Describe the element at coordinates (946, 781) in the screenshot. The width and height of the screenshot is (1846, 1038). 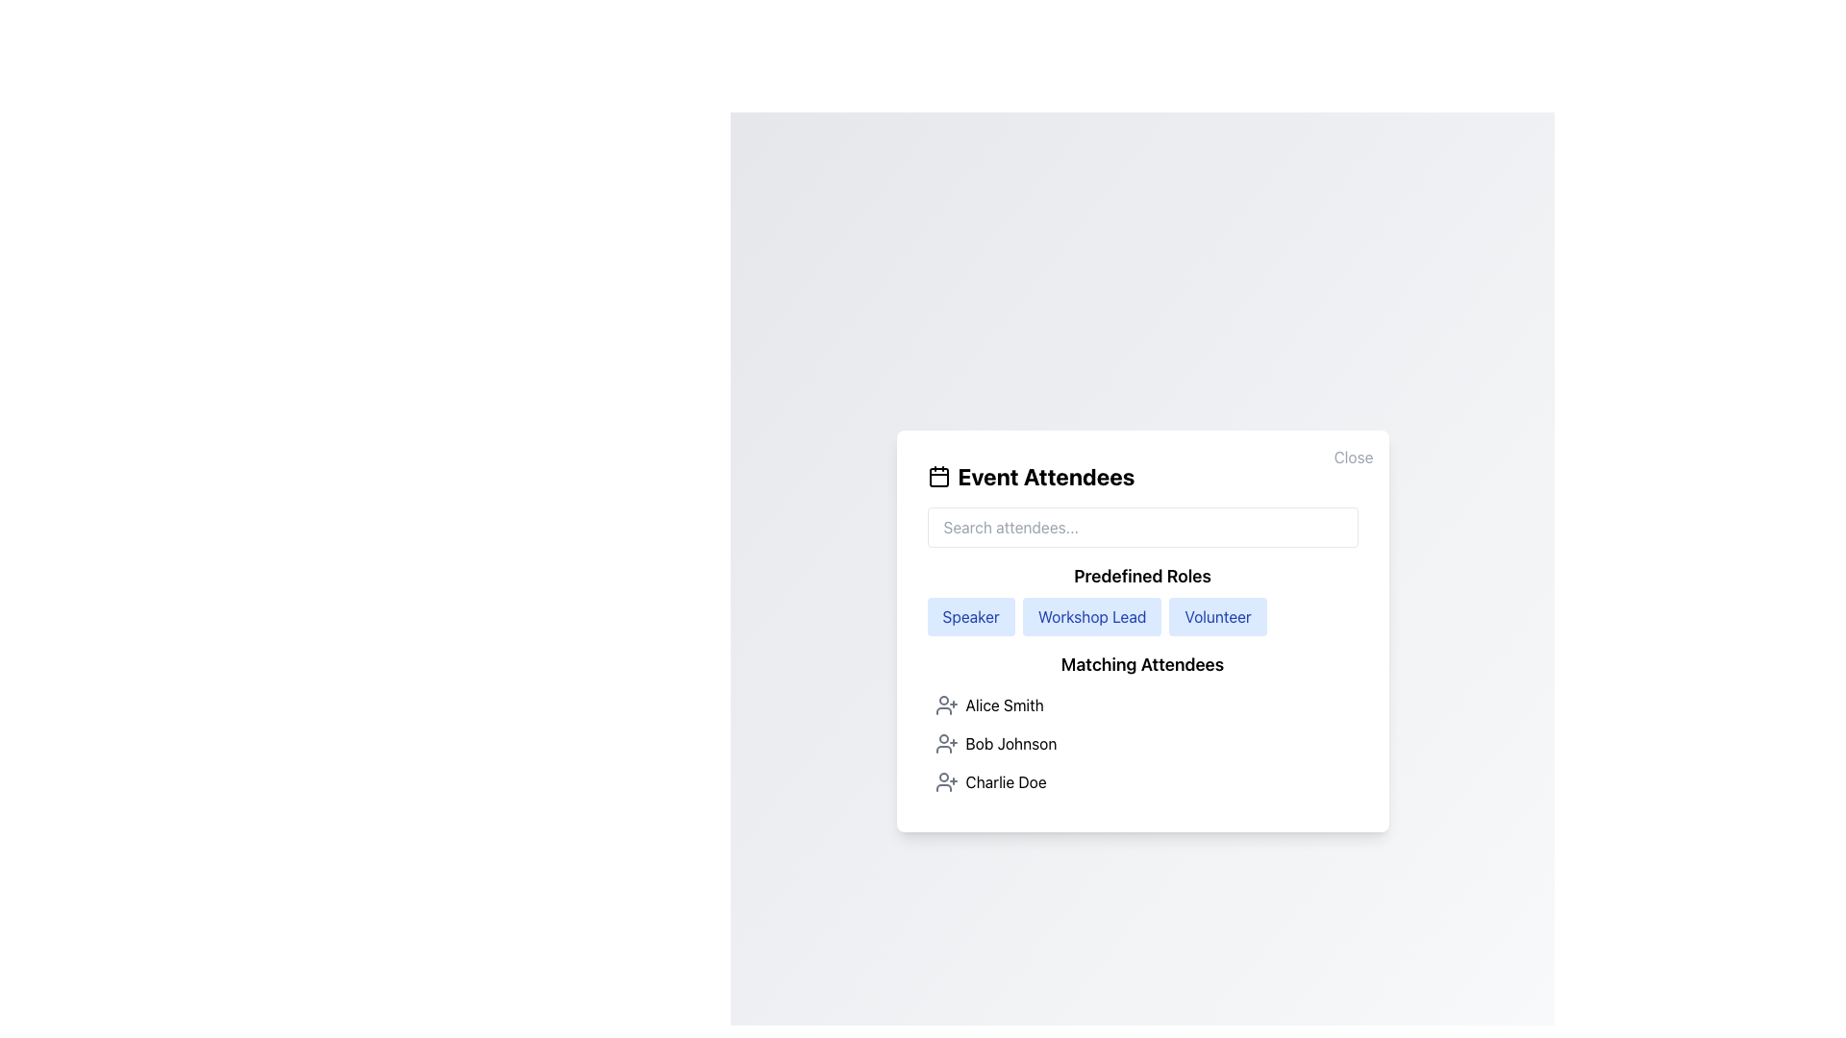
I see `the icon to the left of 'Charlie Doe'` at that location.